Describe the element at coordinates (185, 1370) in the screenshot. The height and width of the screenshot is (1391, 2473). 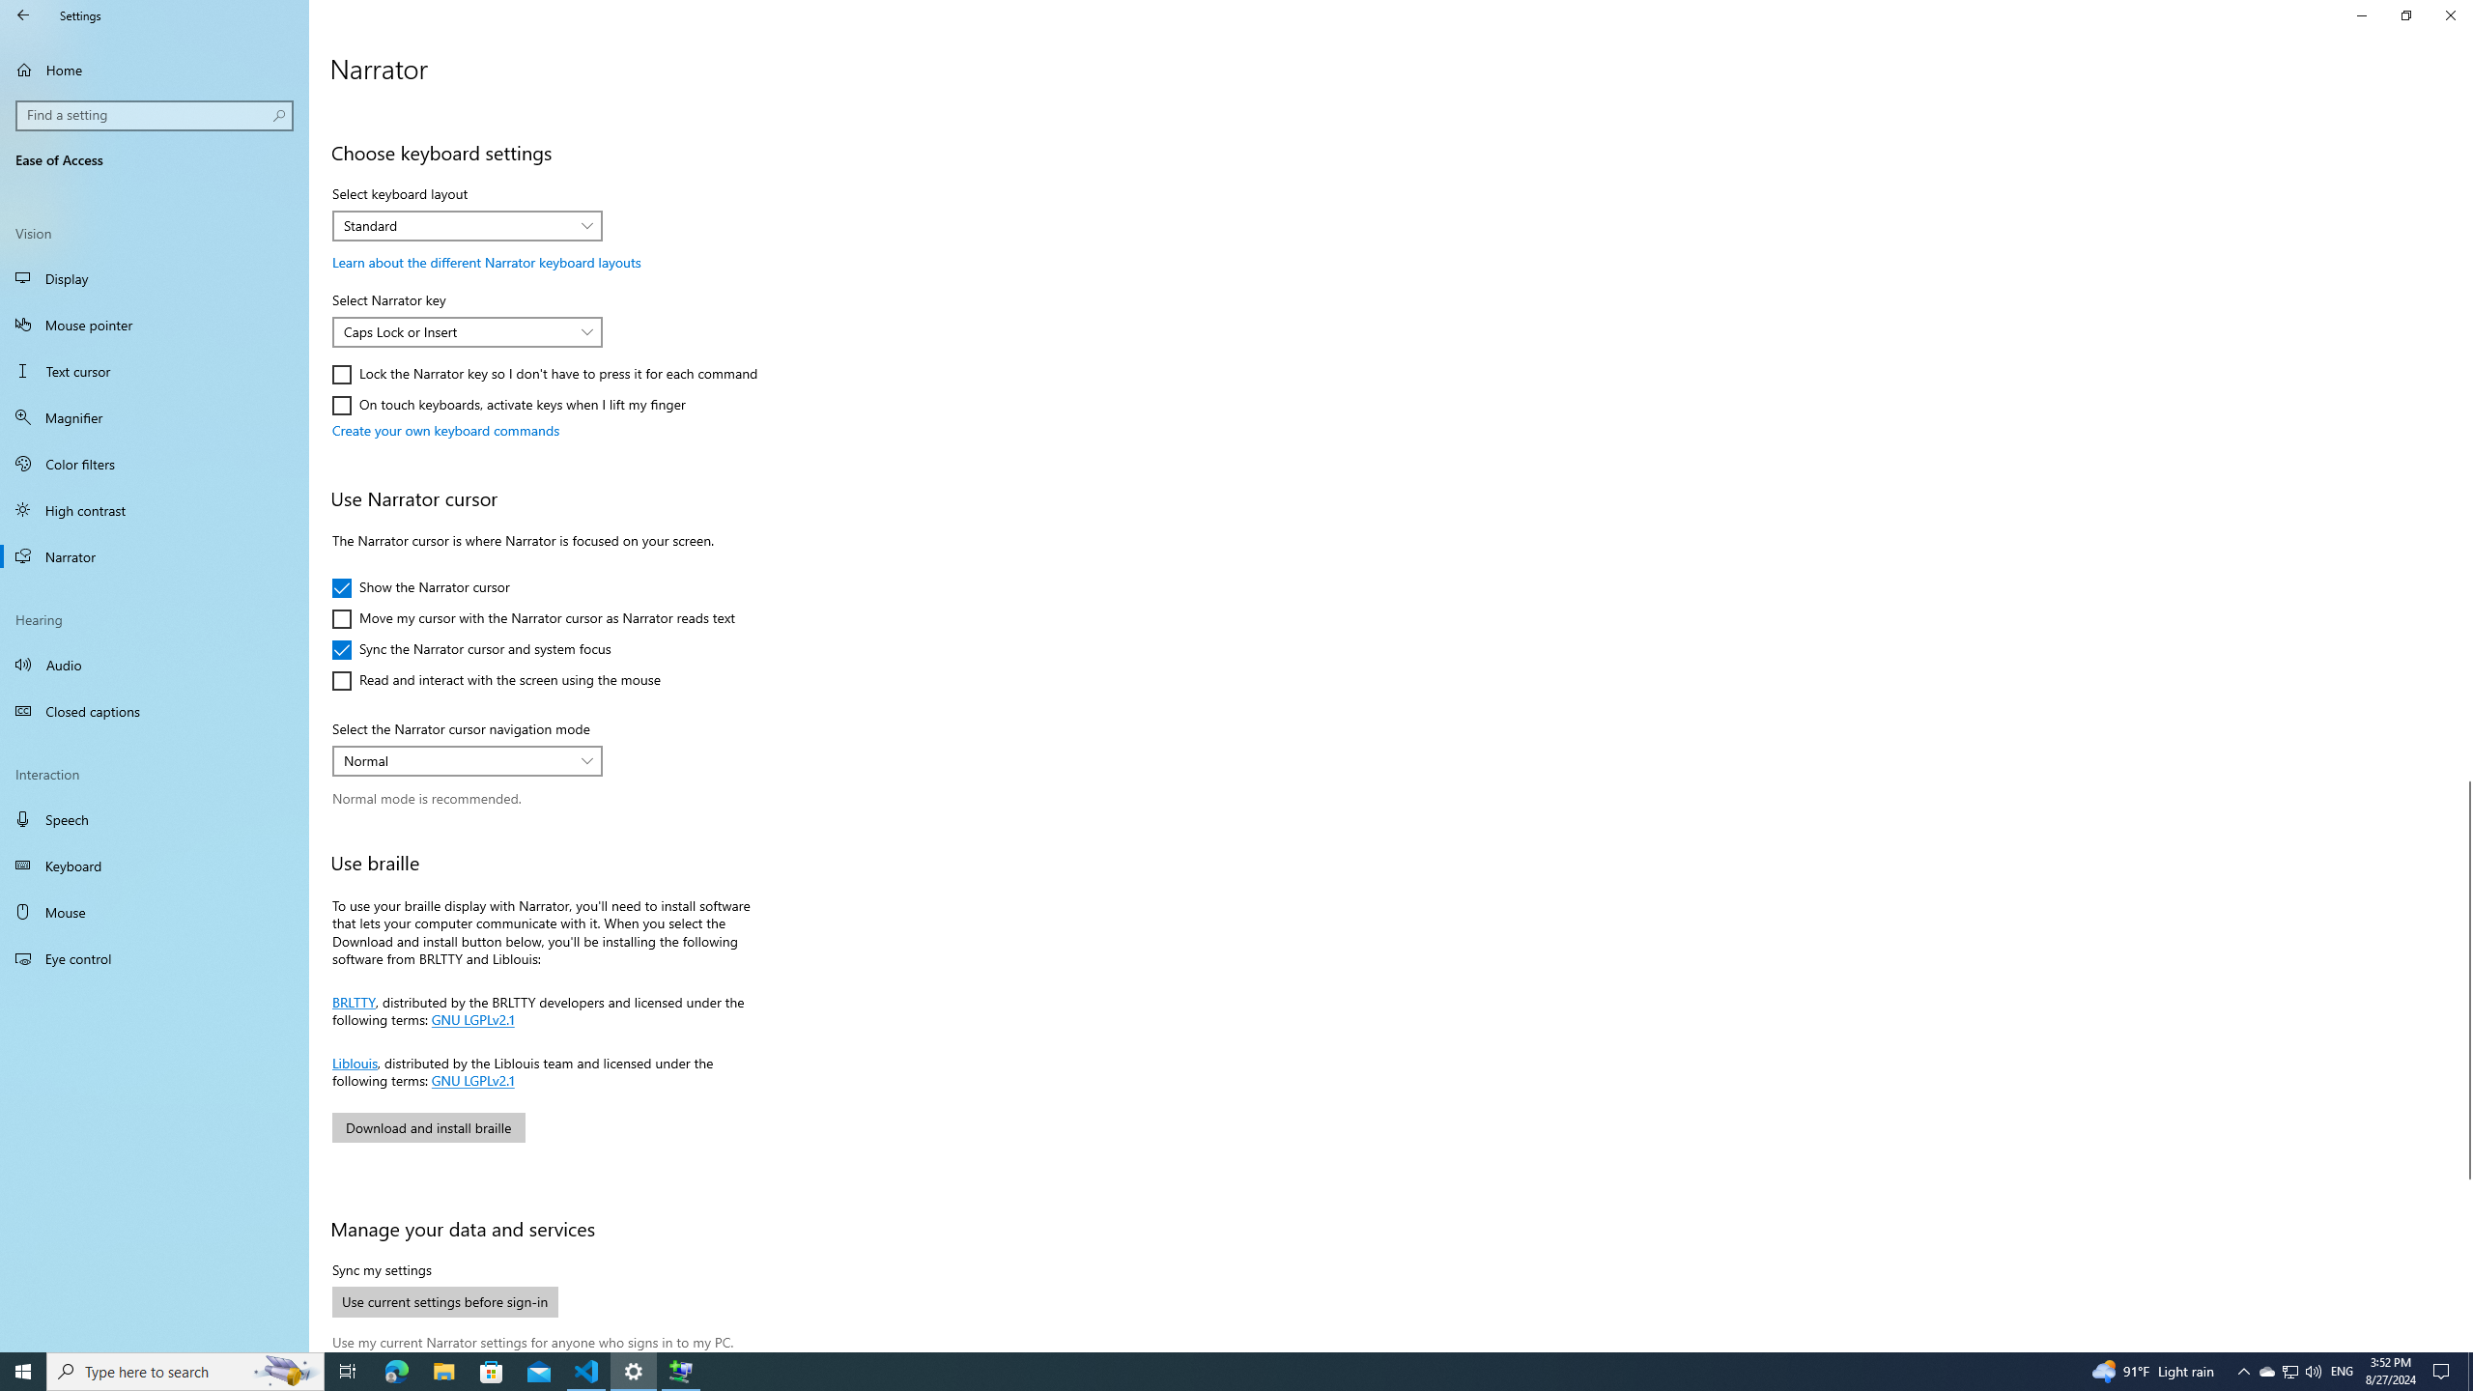
I see `'Type here to search'` at that location.